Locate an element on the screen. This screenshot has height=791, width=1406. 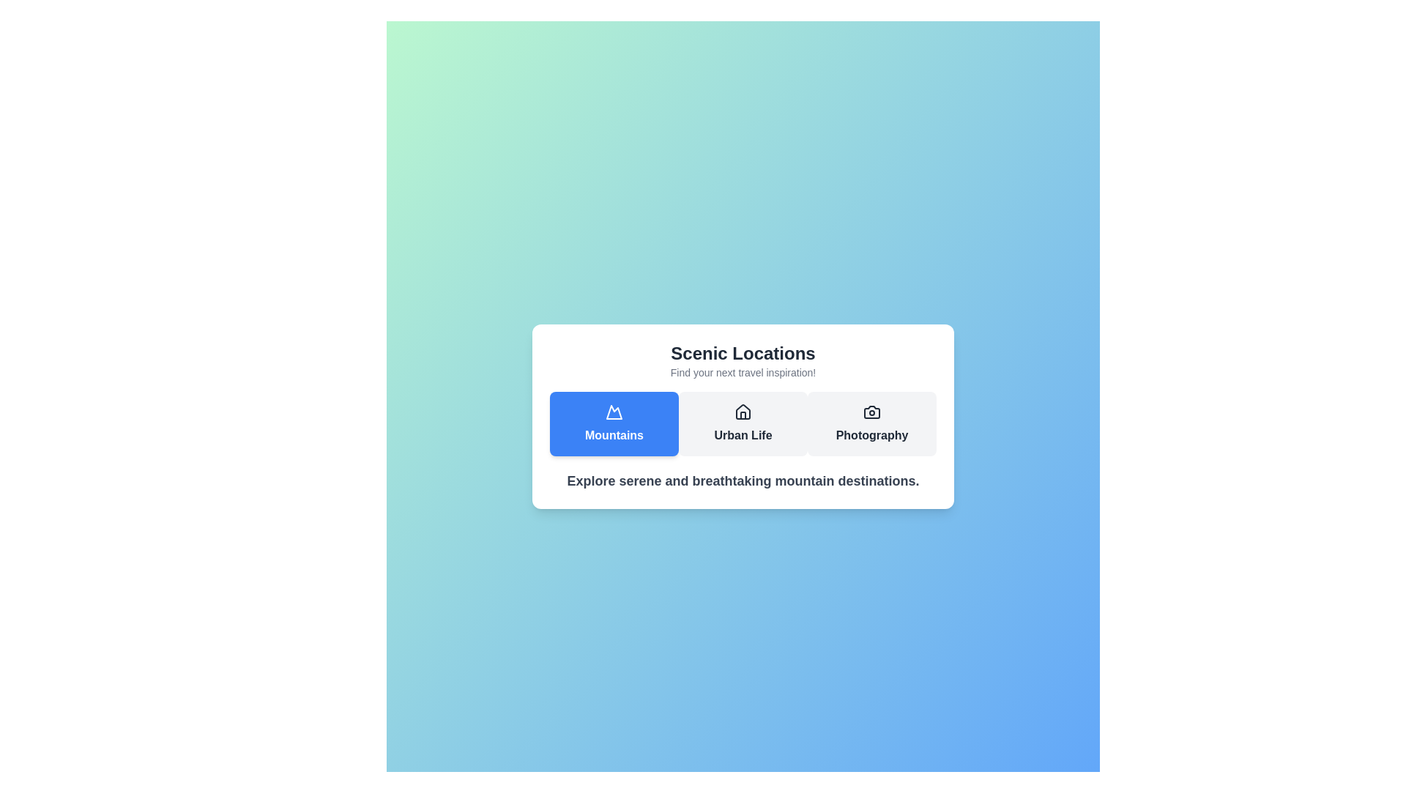
the 'Mountains' tab to select it is located at coordinates (614, 423).